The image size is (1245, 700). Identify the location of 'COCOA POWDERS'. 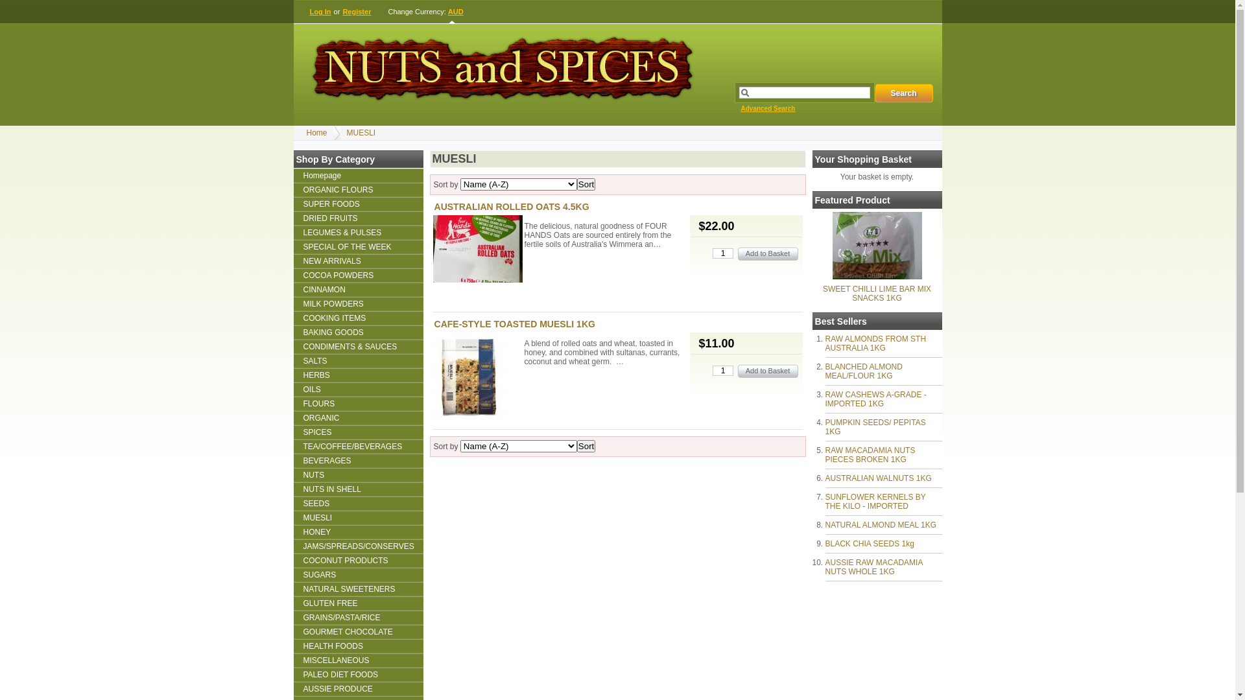
(358, 274).